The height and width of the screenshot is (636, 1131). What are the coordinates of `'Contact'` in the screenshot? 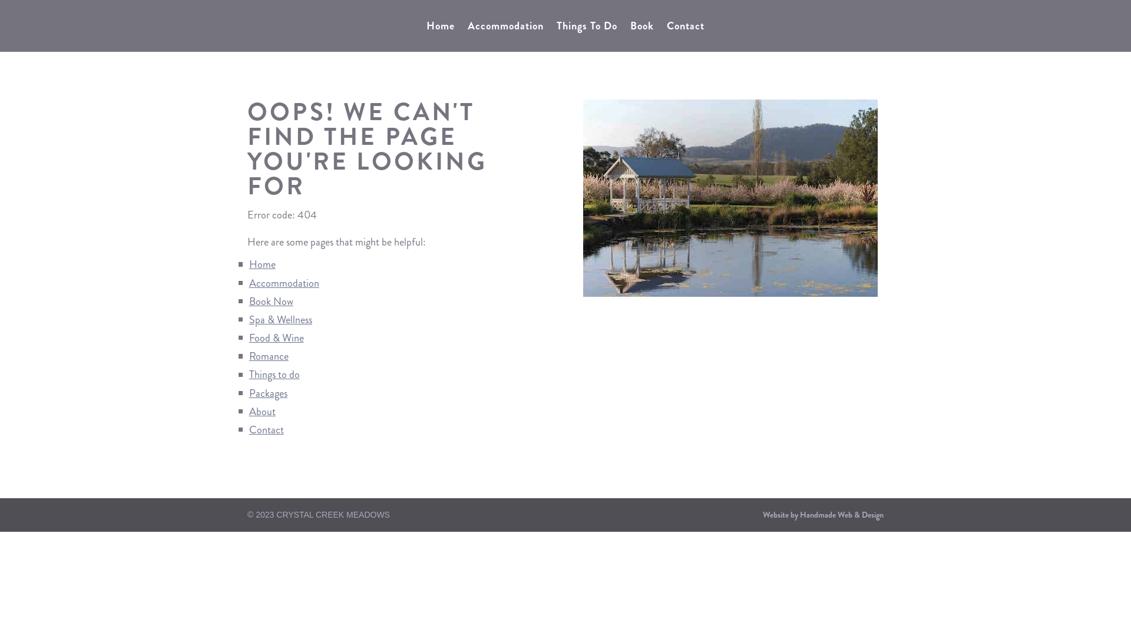 It's located at (266, 429).